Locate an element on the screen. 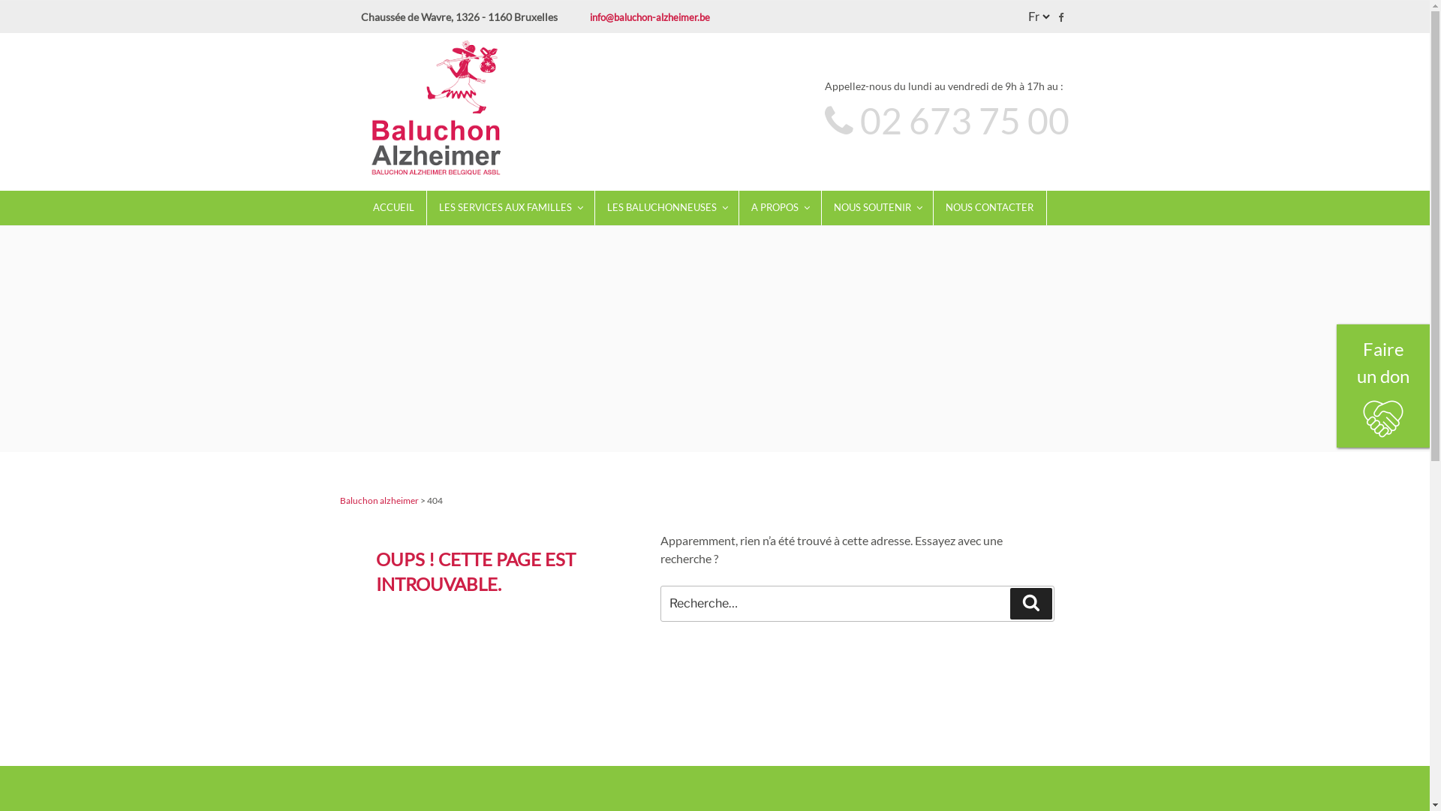 The height and width of the screenshot is (811, 1441). 'Recherche' is located at coordinates (1030, 601).